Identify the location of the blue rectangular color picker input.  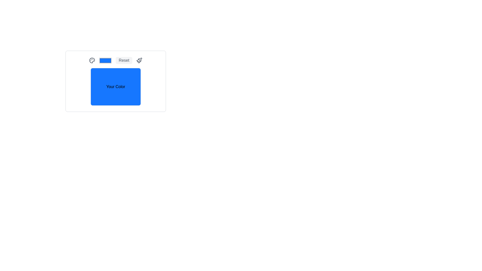
(105, 60).